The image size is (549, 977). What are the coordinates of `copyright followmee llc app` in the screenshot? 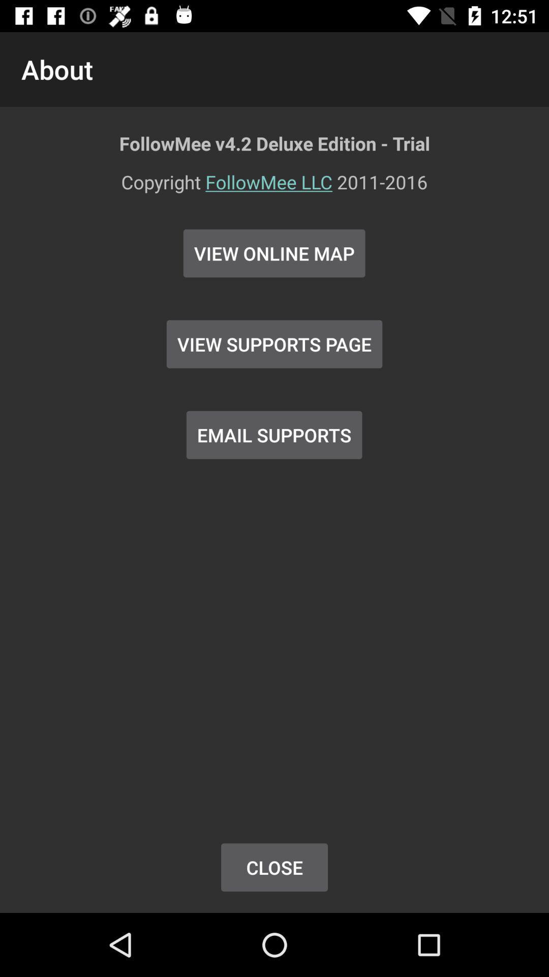 It's located at (274, 188).